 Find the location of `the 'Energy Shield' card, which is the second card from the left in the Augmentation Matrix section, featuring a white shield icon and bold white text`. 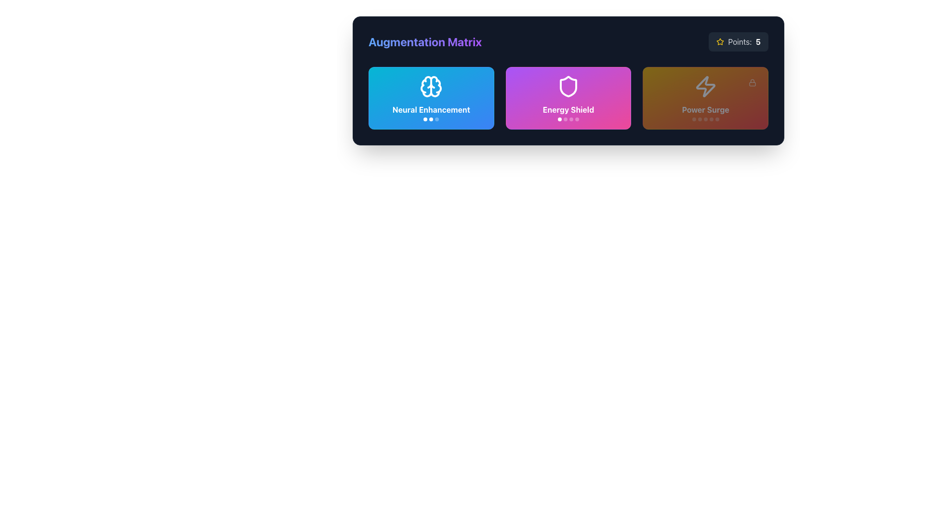

the 'Energy Shield' card, which is the second card from the left in the Augmentation Matrix section, featuring a white shield icon and bold white text is located at coordinates (568, 80).